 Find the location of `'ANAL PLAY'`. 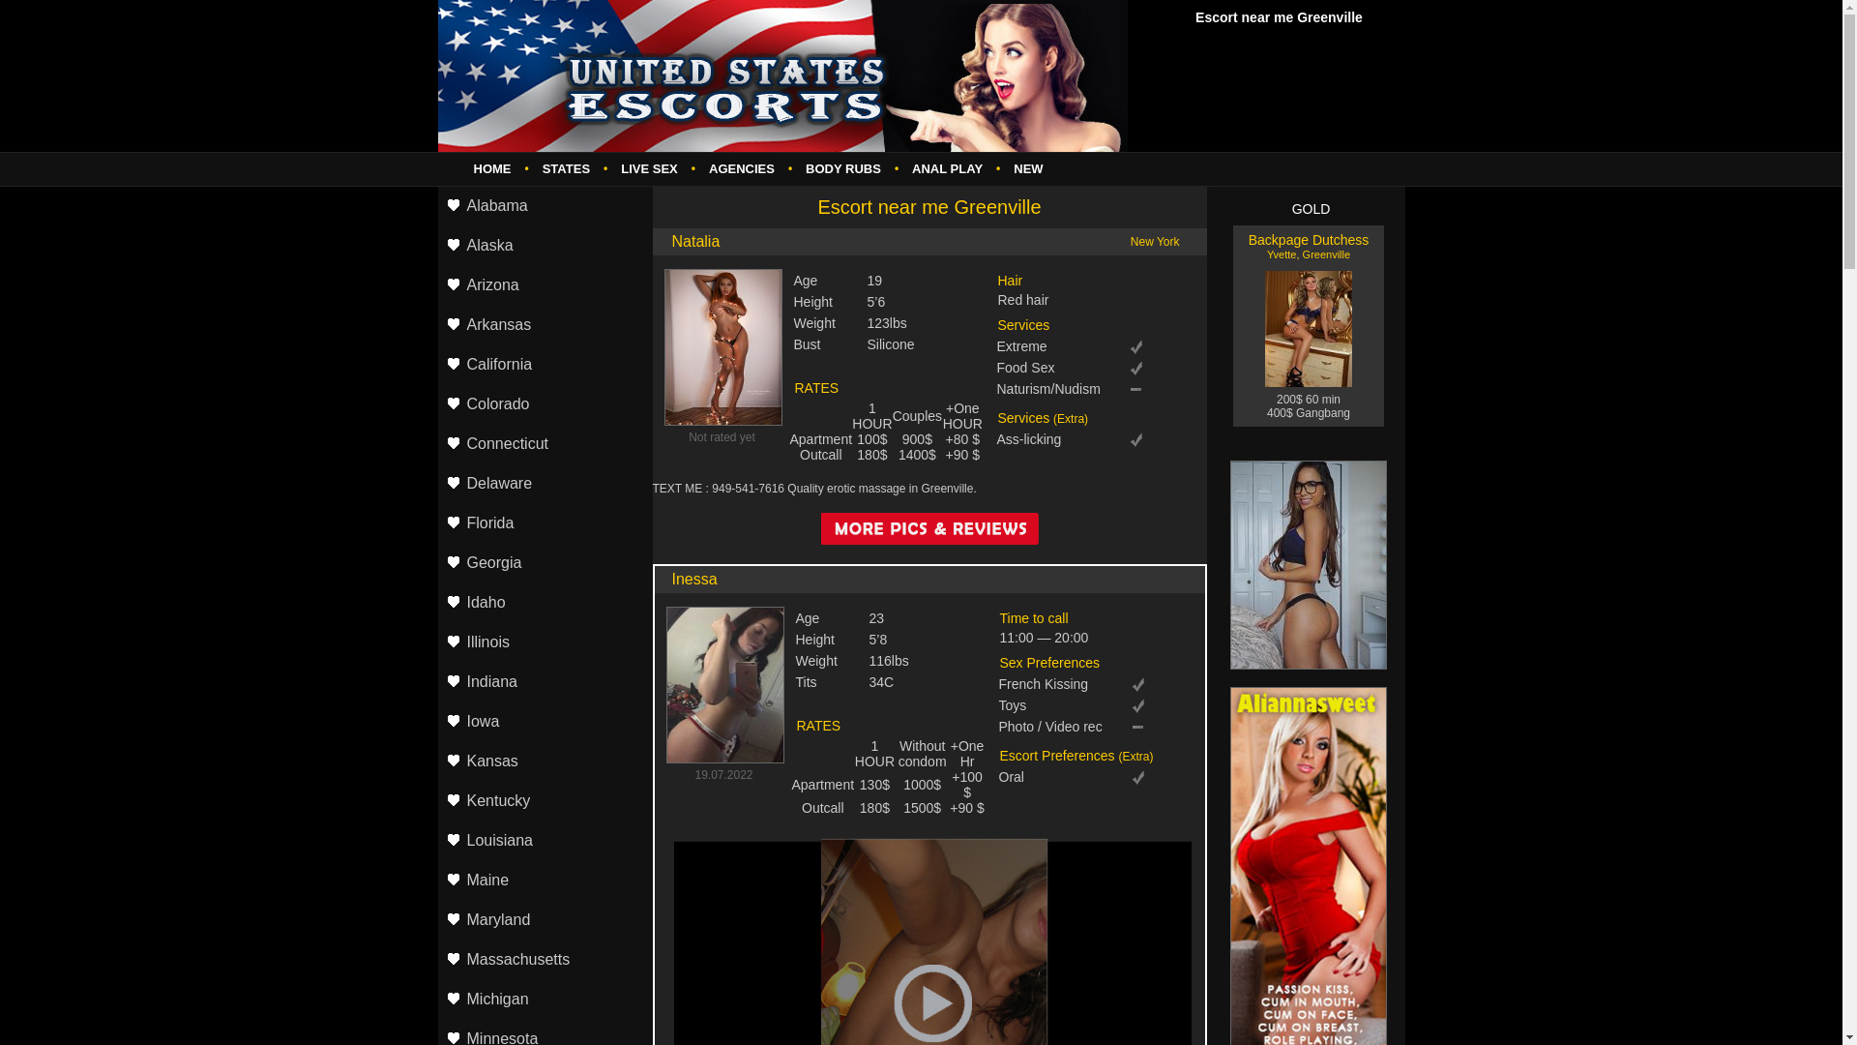

'ANAL PLAY' is located at coordinates (947, 167).